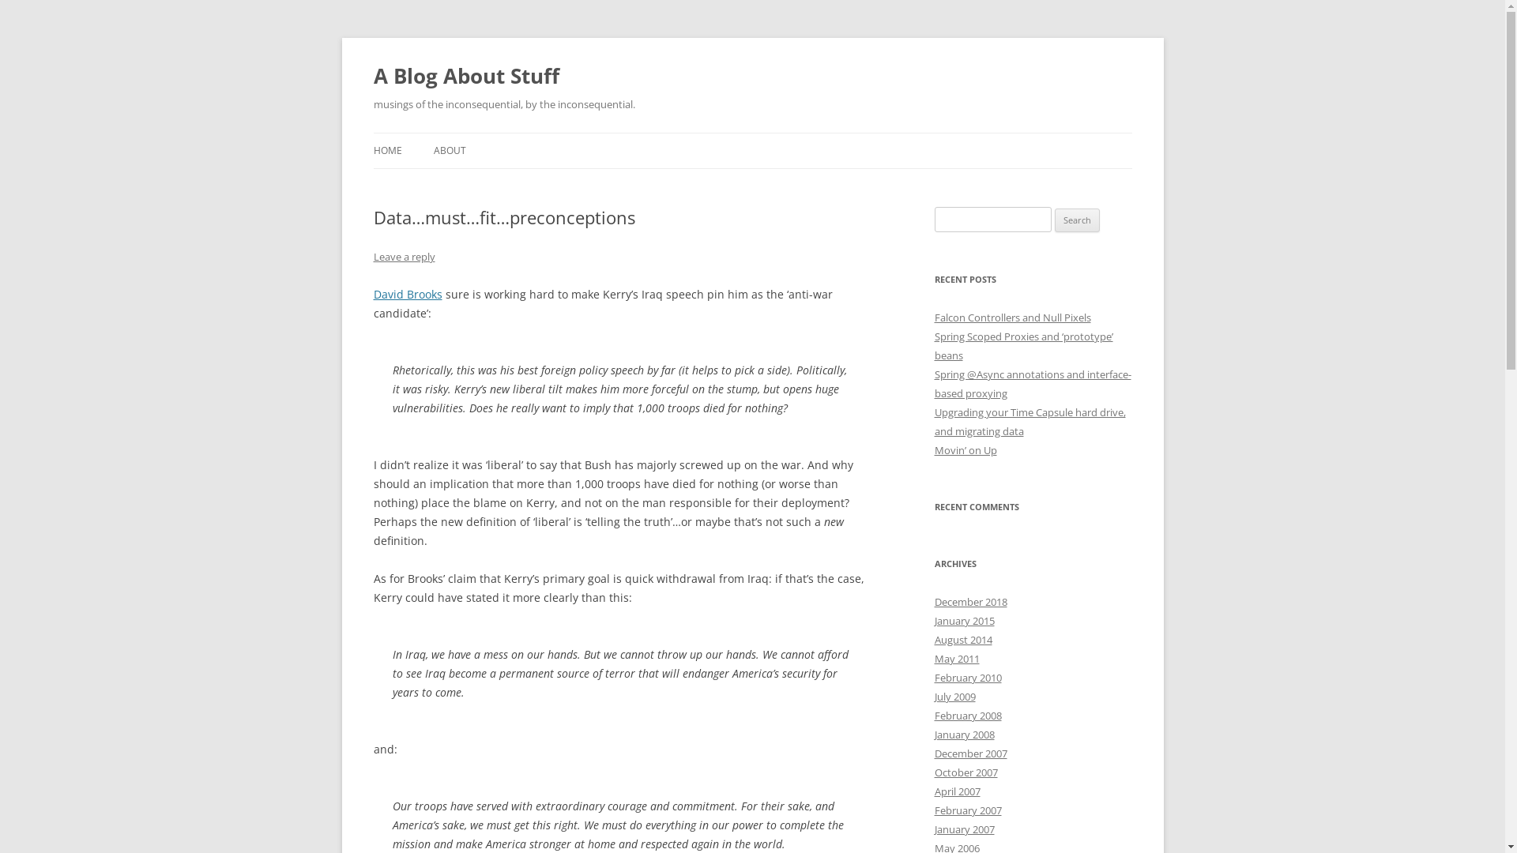  What do you see at coordinates (1029, 420) in the screenshot?
I see `'Upgrading your Time Capsule hard drive, and migrating data'` at bounding box center [1029, 420].